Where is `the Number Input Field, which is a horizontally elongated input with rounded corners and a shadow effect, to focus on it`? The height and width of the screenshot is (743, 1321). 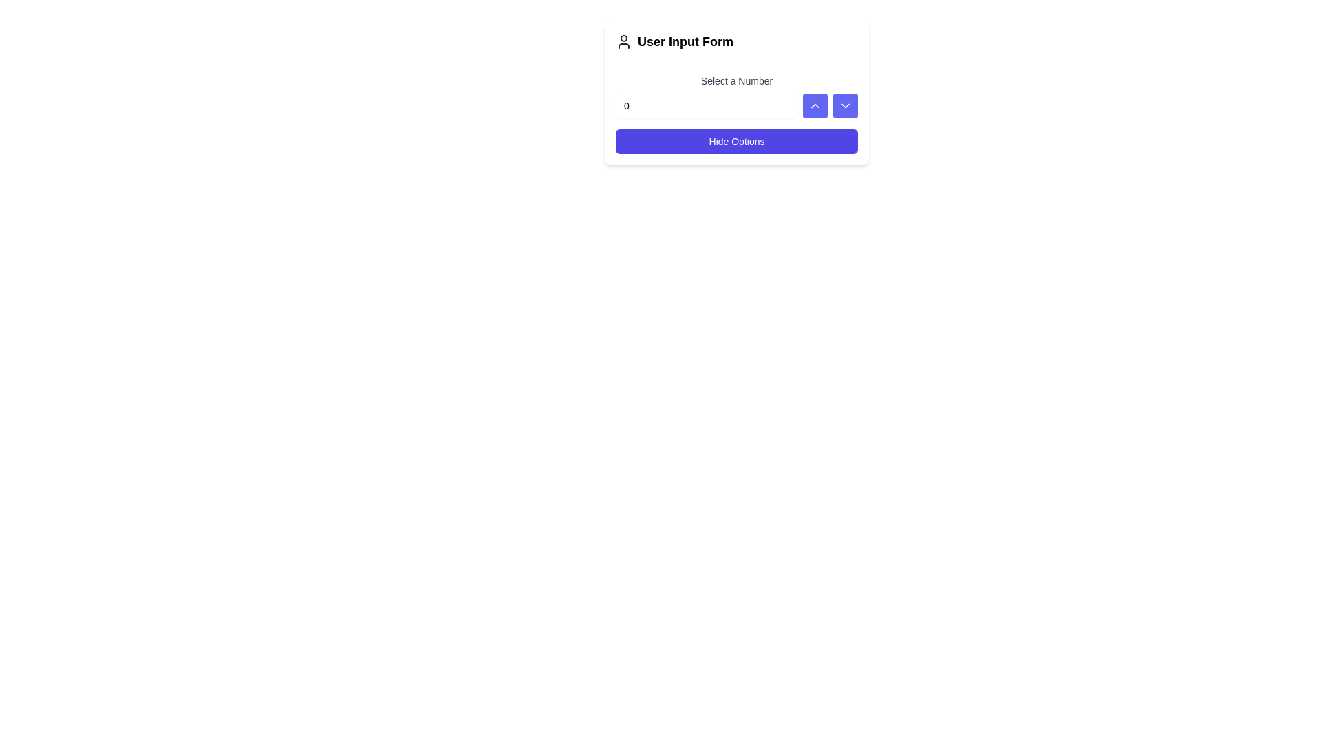
the Number Input Field, which is a horizontally elongated input with rounded corners and a shadow effect, to focus on it is located at coordinates (707, 105).